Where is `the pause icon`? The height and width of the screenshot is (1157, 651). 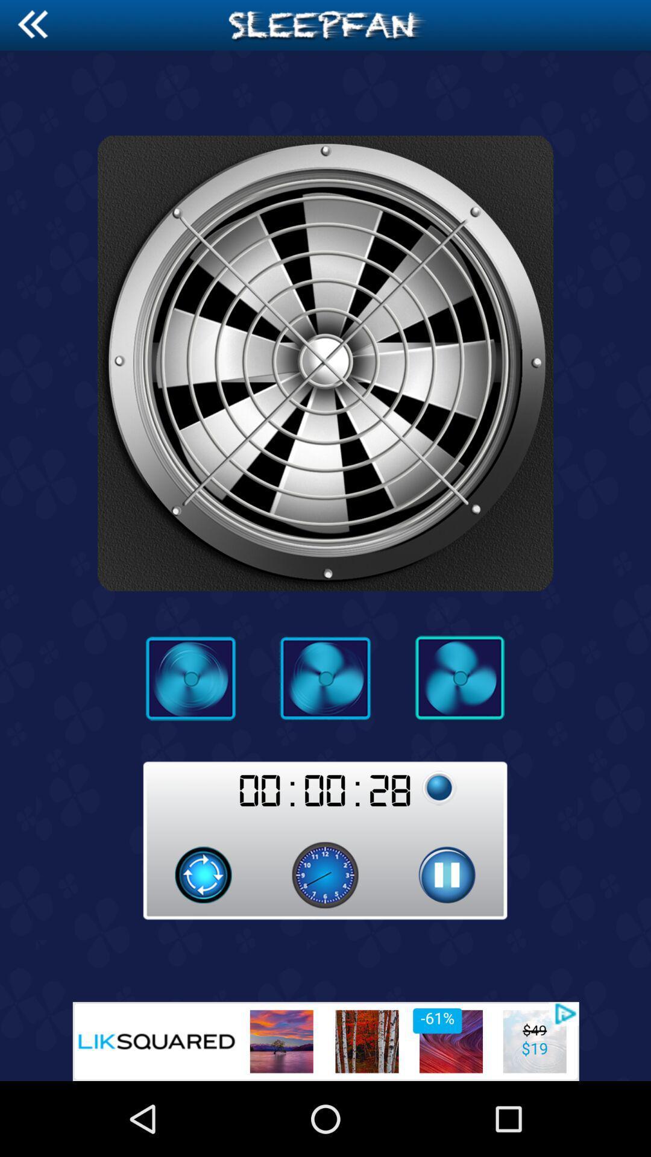
the pause icon is located at coordinates (447, 936).